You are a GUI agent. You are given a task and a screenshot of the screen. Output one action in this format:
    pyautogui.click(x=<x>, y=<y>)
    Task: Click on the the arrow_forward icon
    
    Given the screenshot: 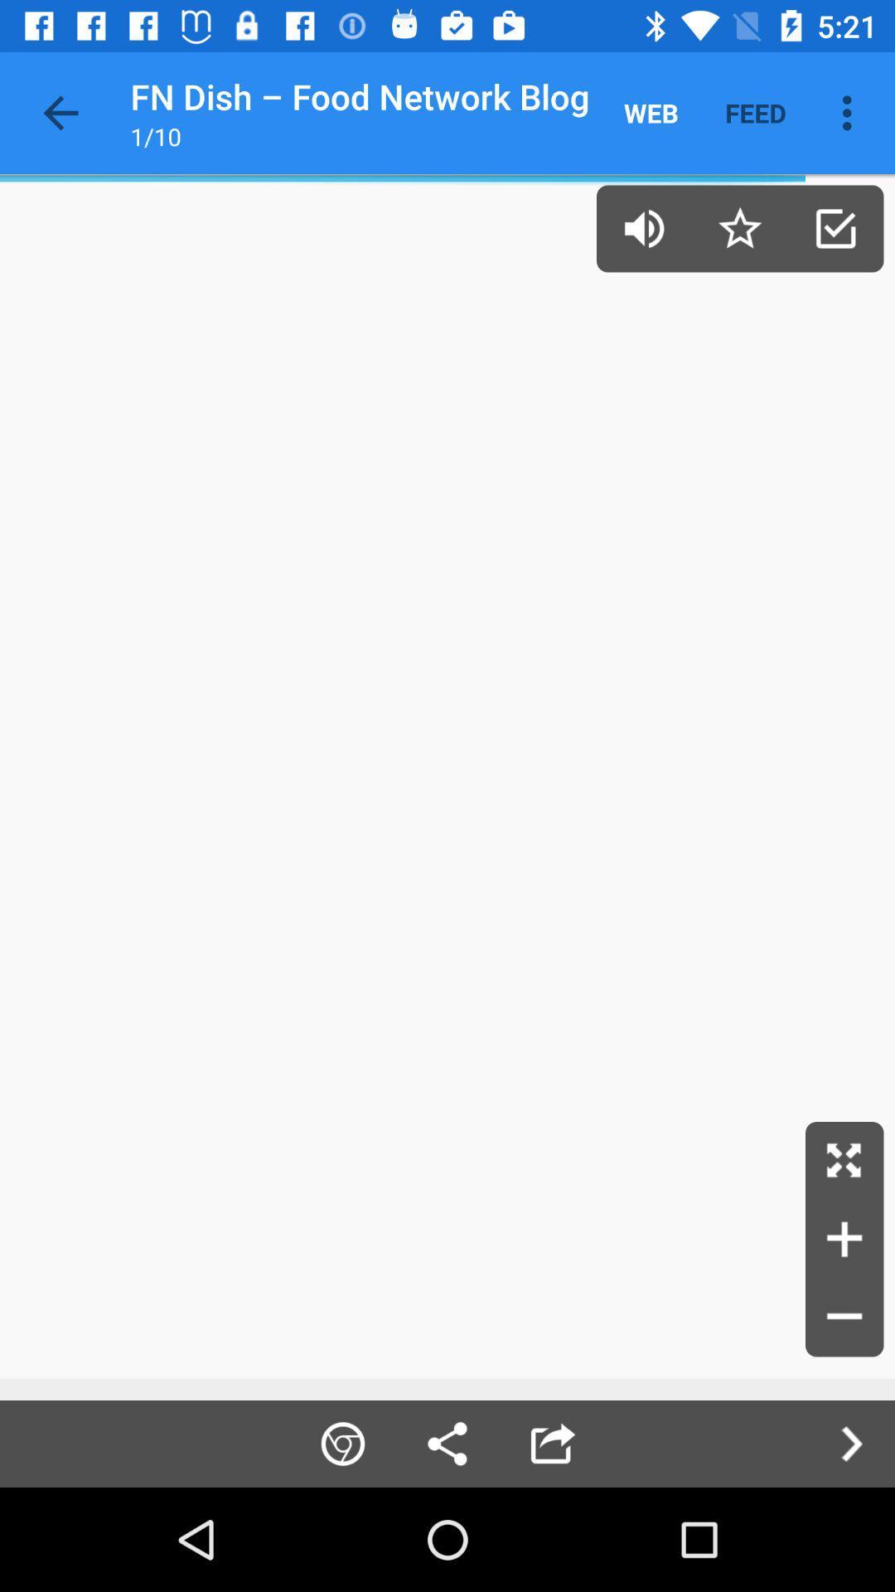 What is the action you would take?
    pyautogui.click(x=851, y=1443)
    